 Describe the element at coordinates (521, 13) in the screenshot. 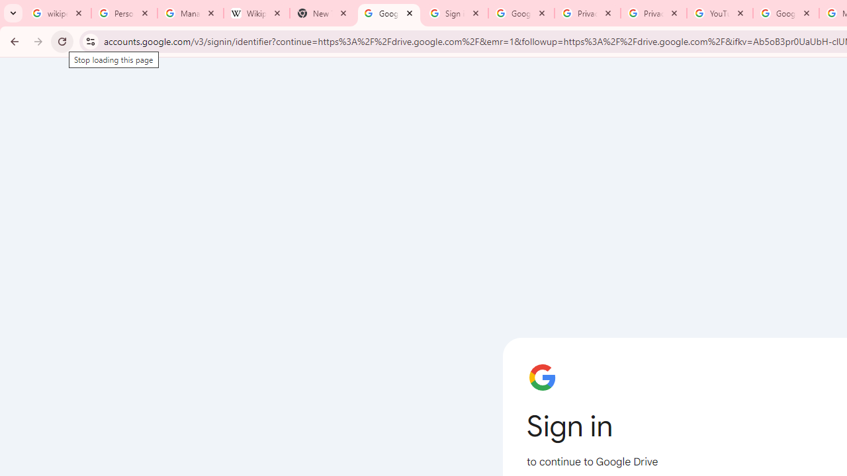

I see `'Google Drive: Sign-in'` at that location.